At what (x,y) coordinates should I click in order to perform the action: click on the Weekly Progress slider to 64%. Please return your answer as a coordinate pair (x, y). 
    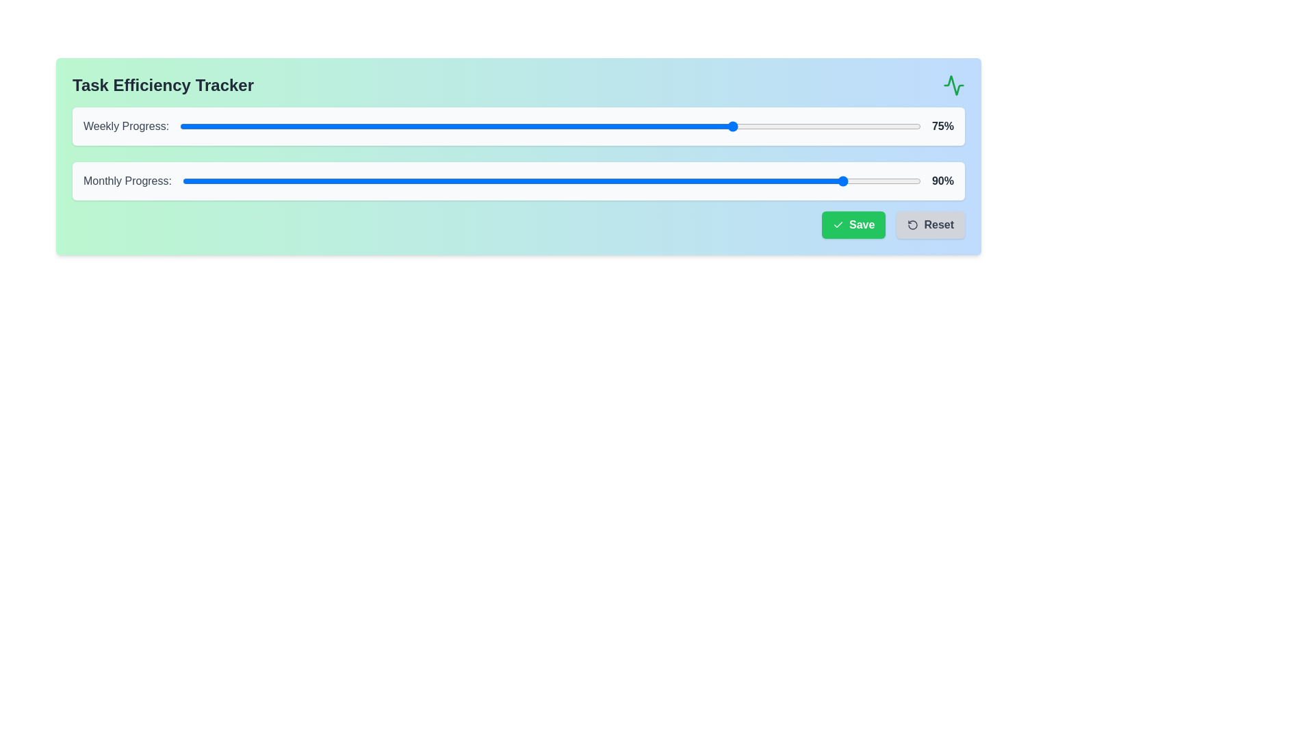
    Looking at the image, I should click on (654, 127).